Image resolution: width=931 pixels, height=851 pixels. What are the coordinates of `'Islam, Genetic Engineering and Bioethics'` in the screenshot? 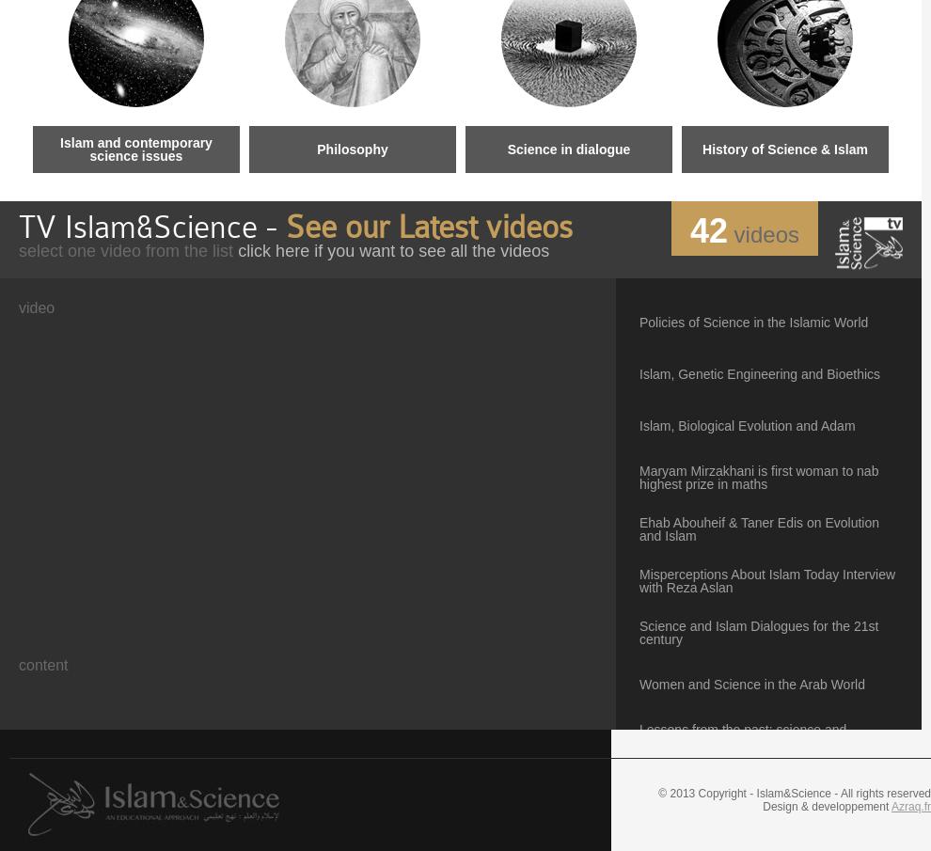 It's located at (759, 373).